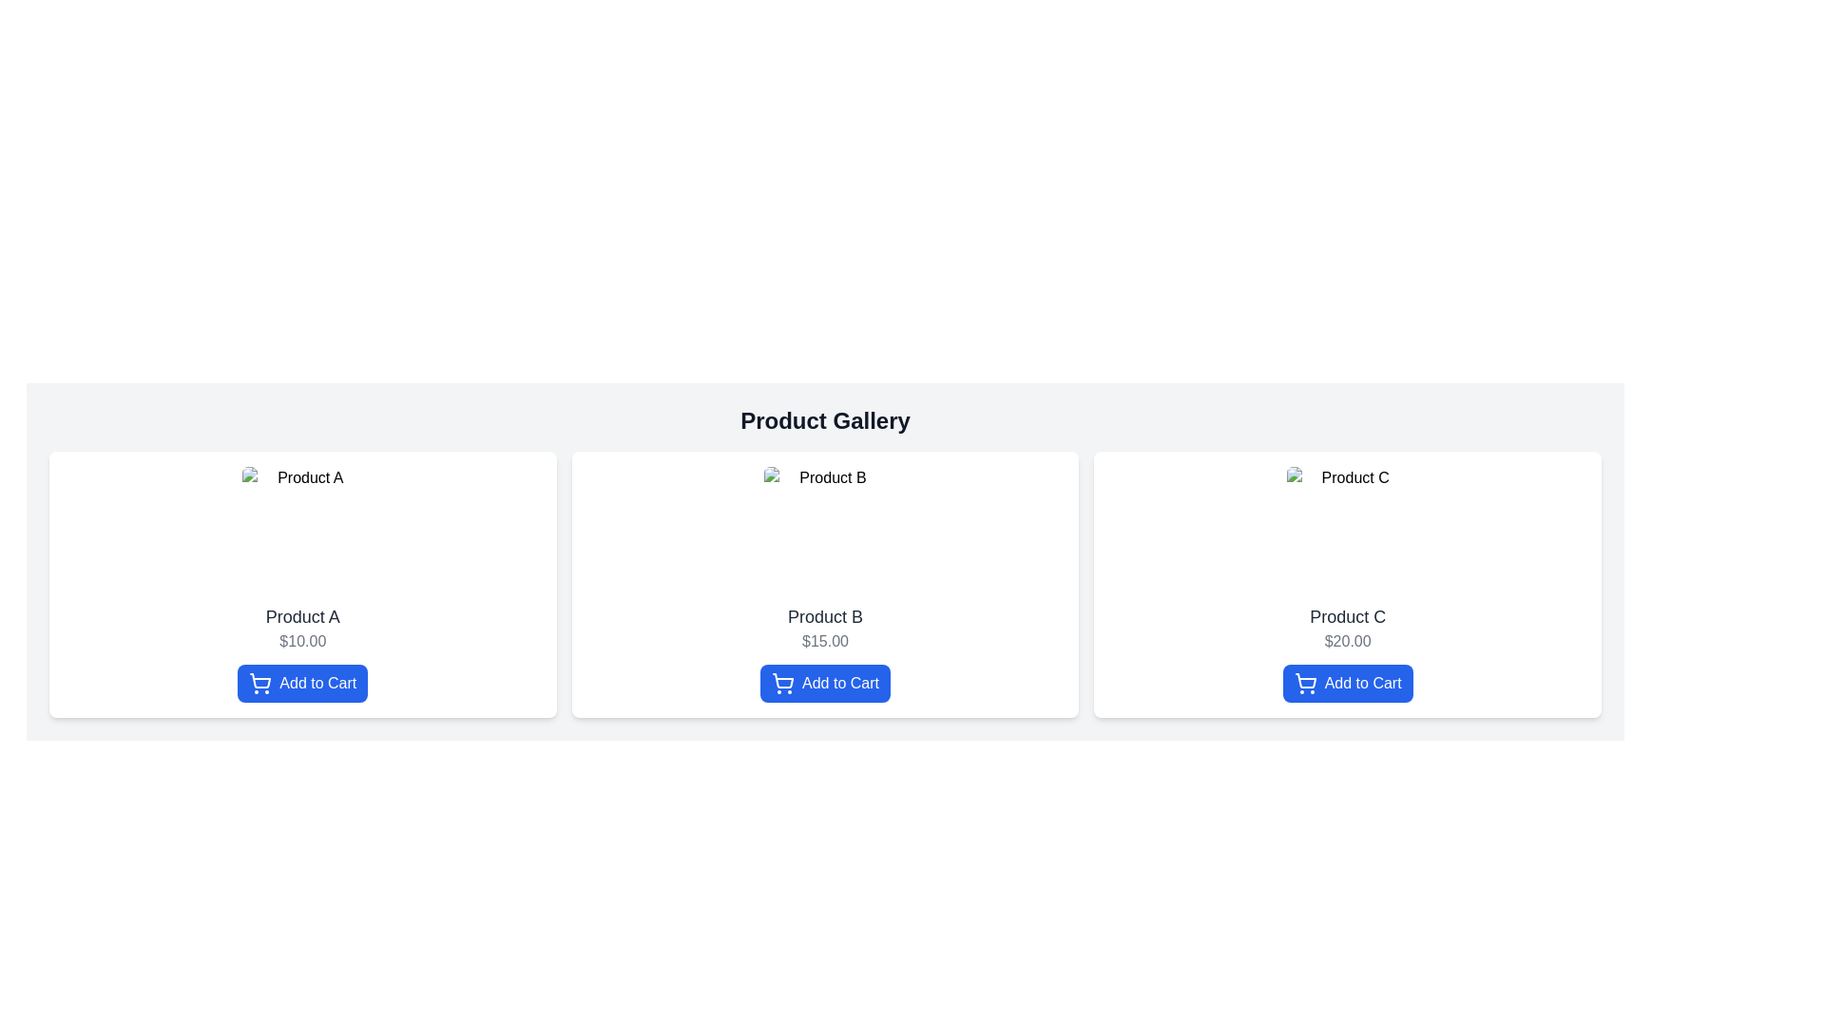 Image resolution: width=1825 pixels, height=1027 pixels. Describe the element at coordinates (301, 616) in the screenshot. I see `text label that serves as the title or name of the product, which is centrally located within the first product card in the product gallery, positioned below the product image and above the price label '$10.00'` at that location.